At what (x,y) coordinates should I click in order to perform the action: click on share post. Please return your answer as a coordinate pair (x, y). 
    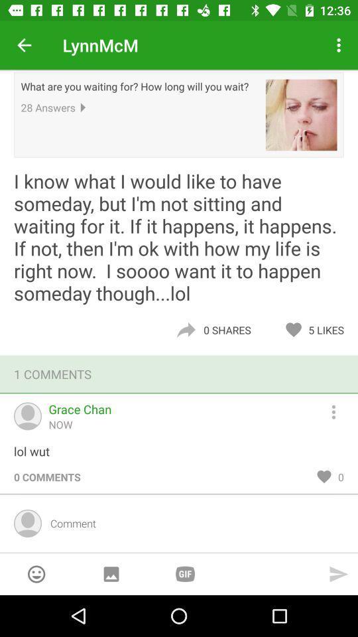
    Looking at the image, I should click on (185, 329).